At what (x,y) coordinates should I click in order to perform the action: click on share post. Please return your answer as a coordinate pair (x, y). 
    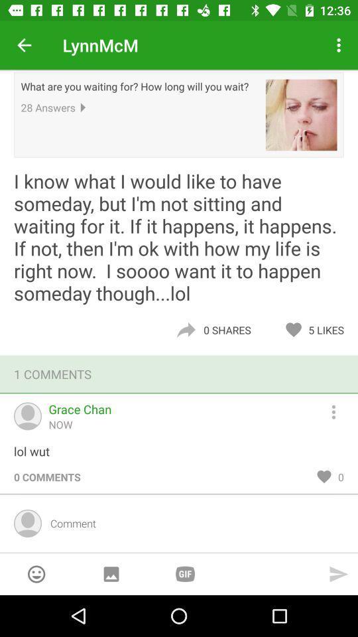
    Looking at the image, I should click on (185, 329).